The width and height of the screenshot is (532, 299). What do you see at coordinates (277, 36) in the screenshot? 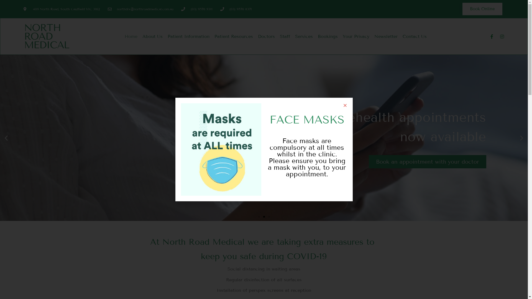
I see `'Staff'` at bounding box center [277, 36].